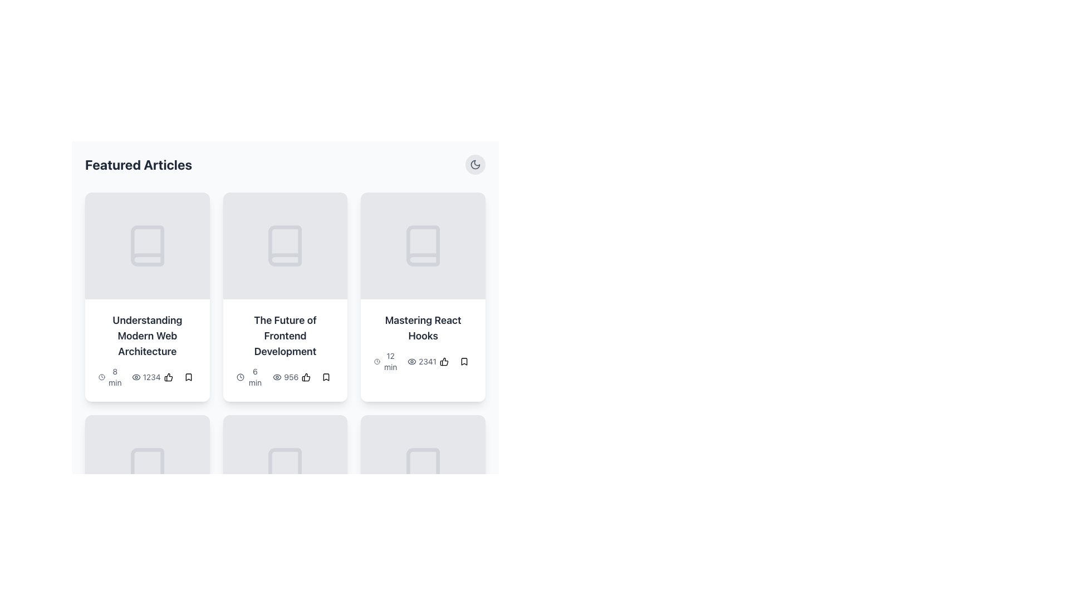 This screenshot has width=1069, height=601. What do you see at coordinates (454, 362) in the screenshot?
I see `the bookmark icon located in the lower-right section of the 'Mastering React Hooks' card, which is part of a composite UI element containing two icons with a decorative dot` at bounding box center [454, 362].